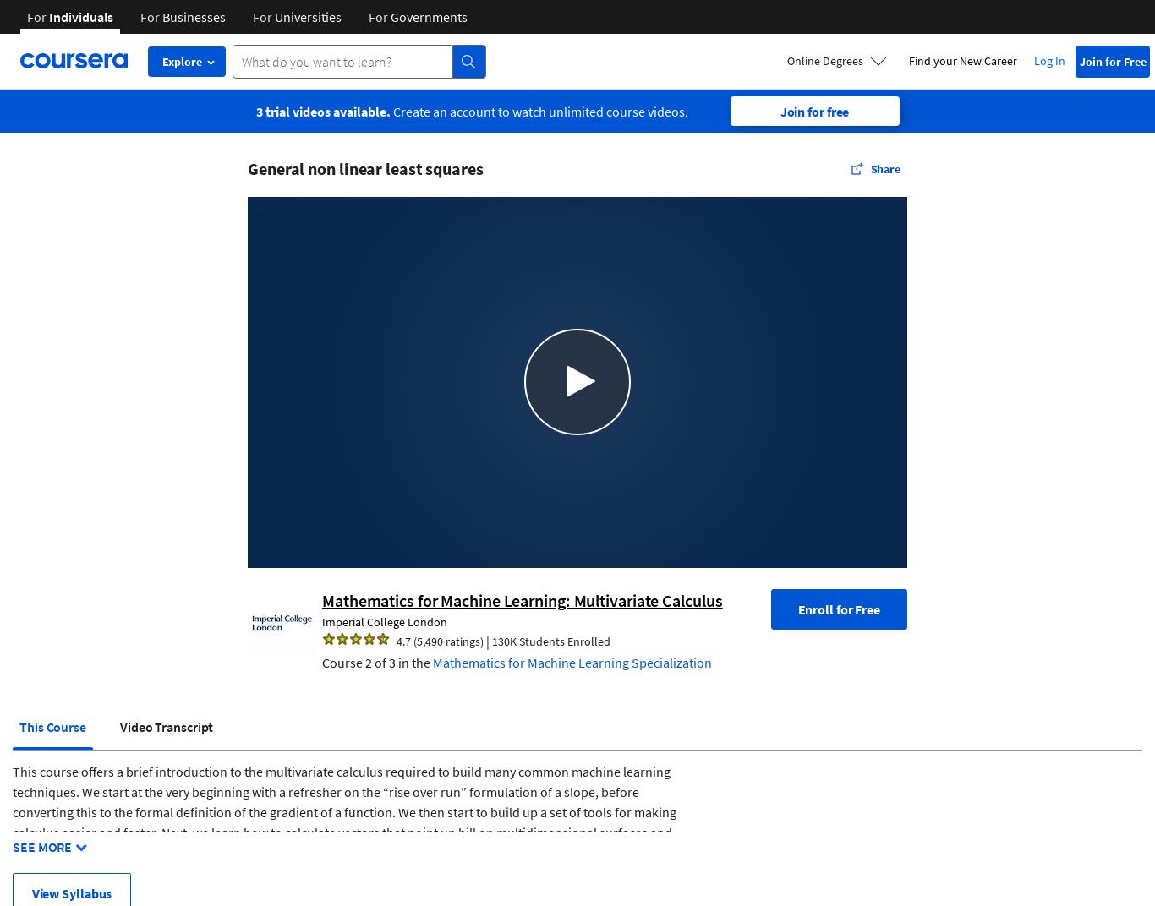 The image size is (1155, 906). Describe the element at coordinates (384, 619) in the screenshot. I see `'Imperial College London'` at that location.